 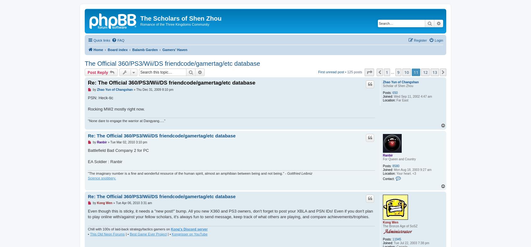 I want to click on 'Best Game Ever Project', so click(x=148, y=234).